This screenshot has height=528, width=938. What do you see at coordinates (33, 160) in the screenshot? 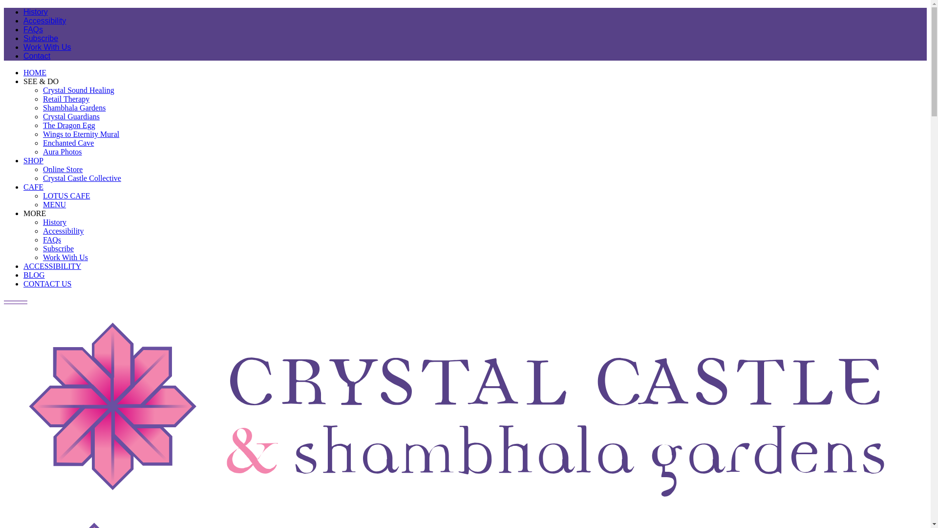
I see `'SHOP'` at bounding box center [33, 160].